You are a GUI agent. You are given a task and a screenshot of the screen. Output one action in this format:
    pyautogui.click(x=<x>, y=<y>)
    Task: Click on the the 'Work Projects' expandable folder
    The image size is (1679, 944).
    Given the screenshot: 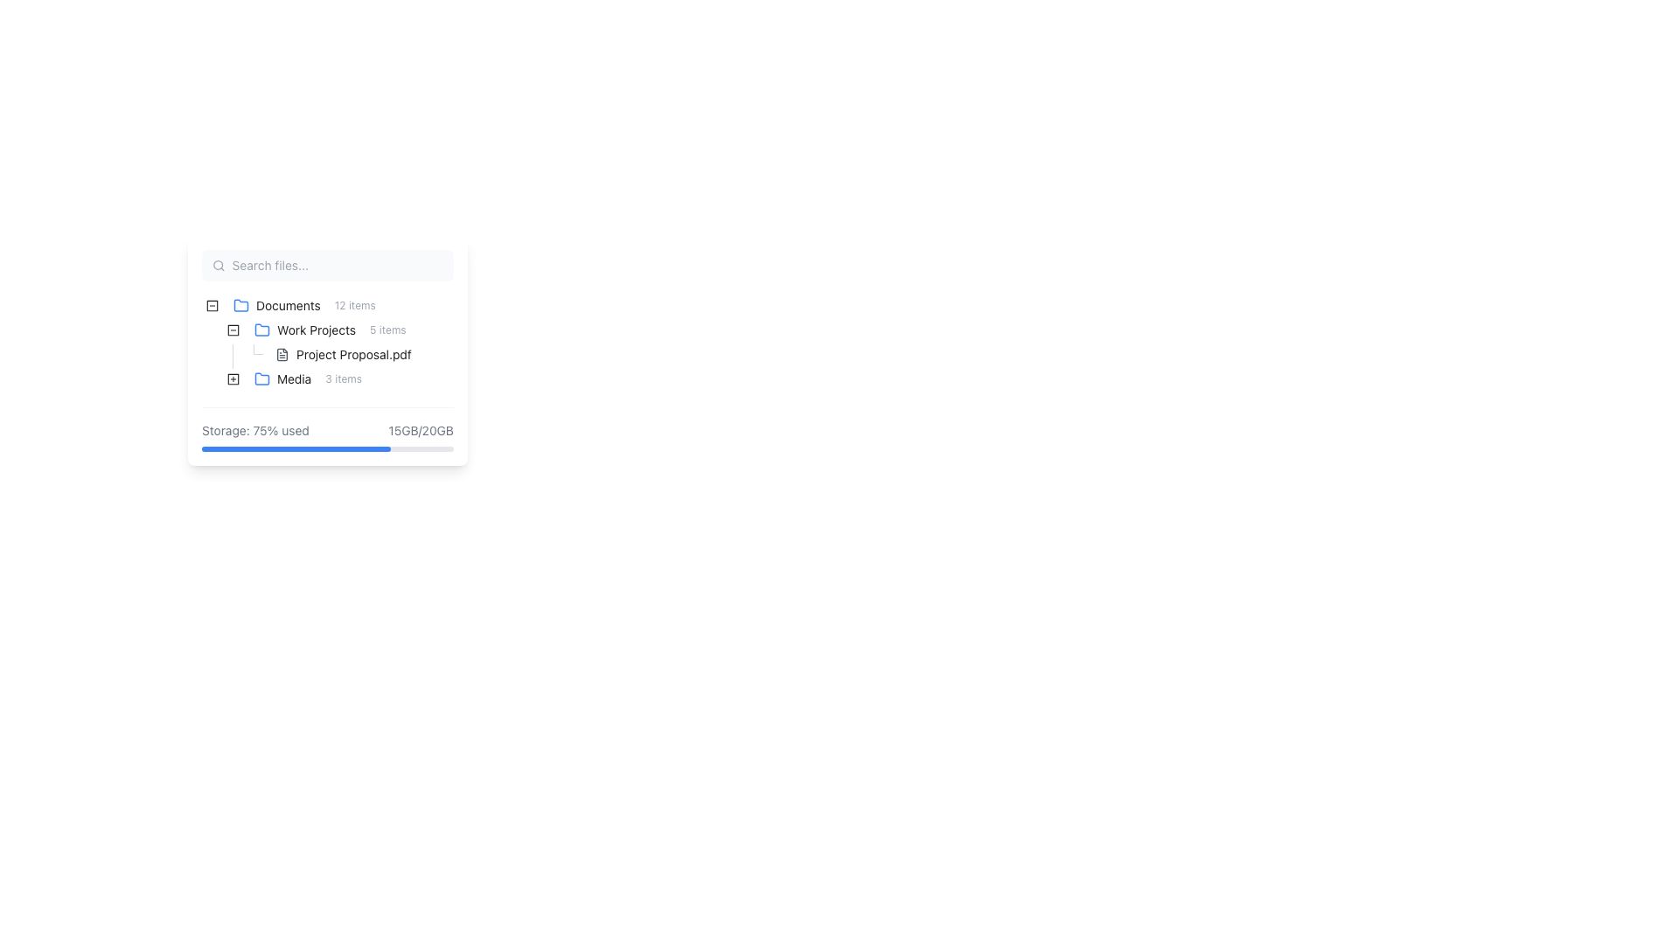 What is the action you would take?
    pyautogui.click(x=307, y=330)
    